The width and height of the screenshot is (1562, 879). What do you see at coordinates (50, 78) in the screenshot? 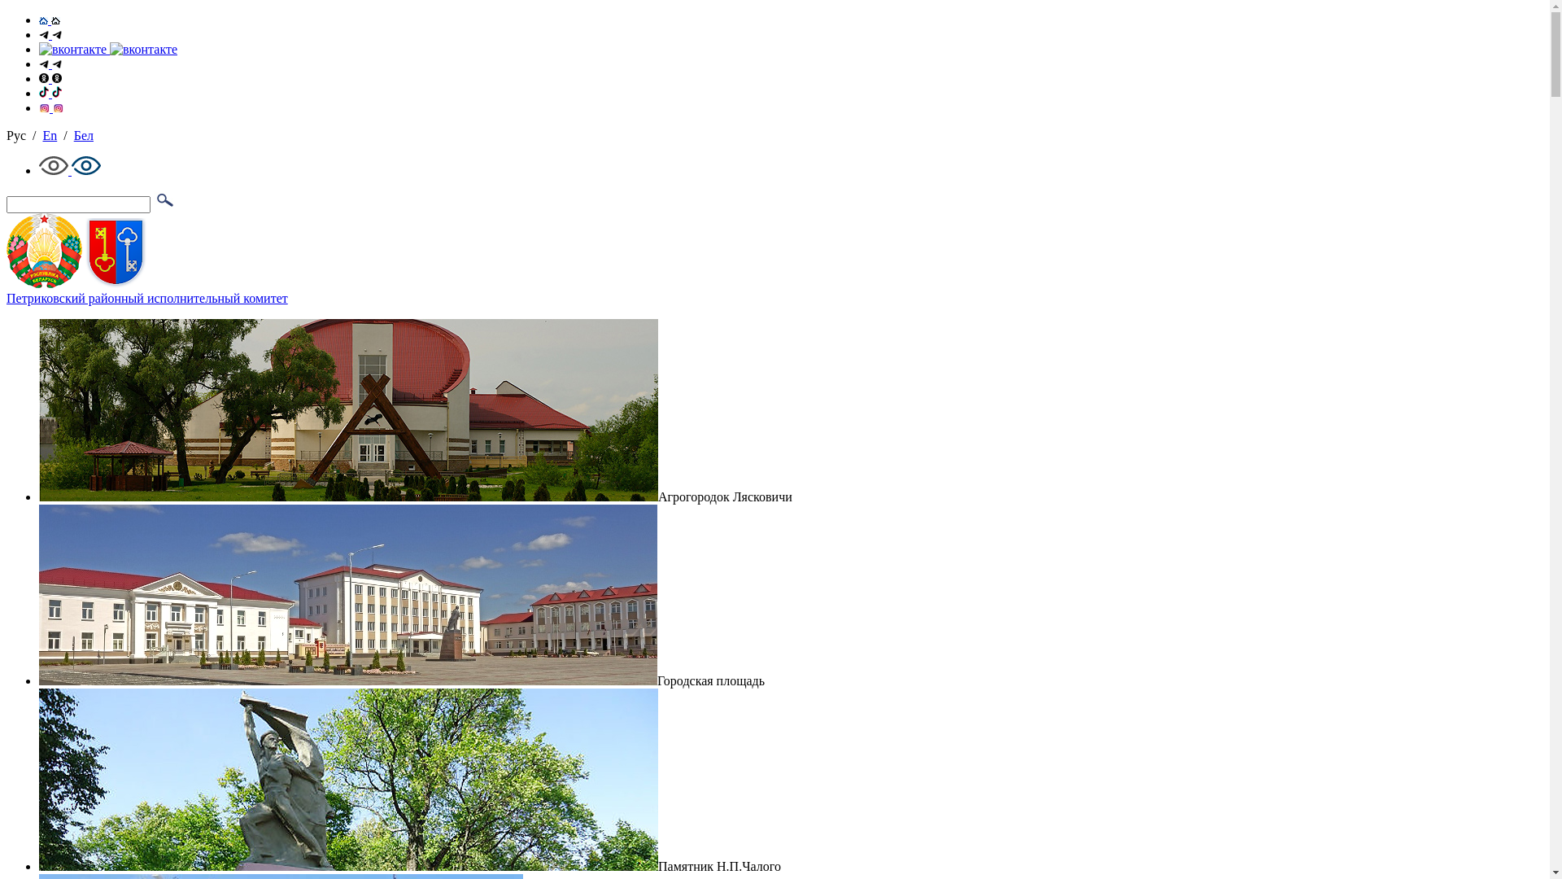
I see `'OK'` at bounding box center [50, 78].